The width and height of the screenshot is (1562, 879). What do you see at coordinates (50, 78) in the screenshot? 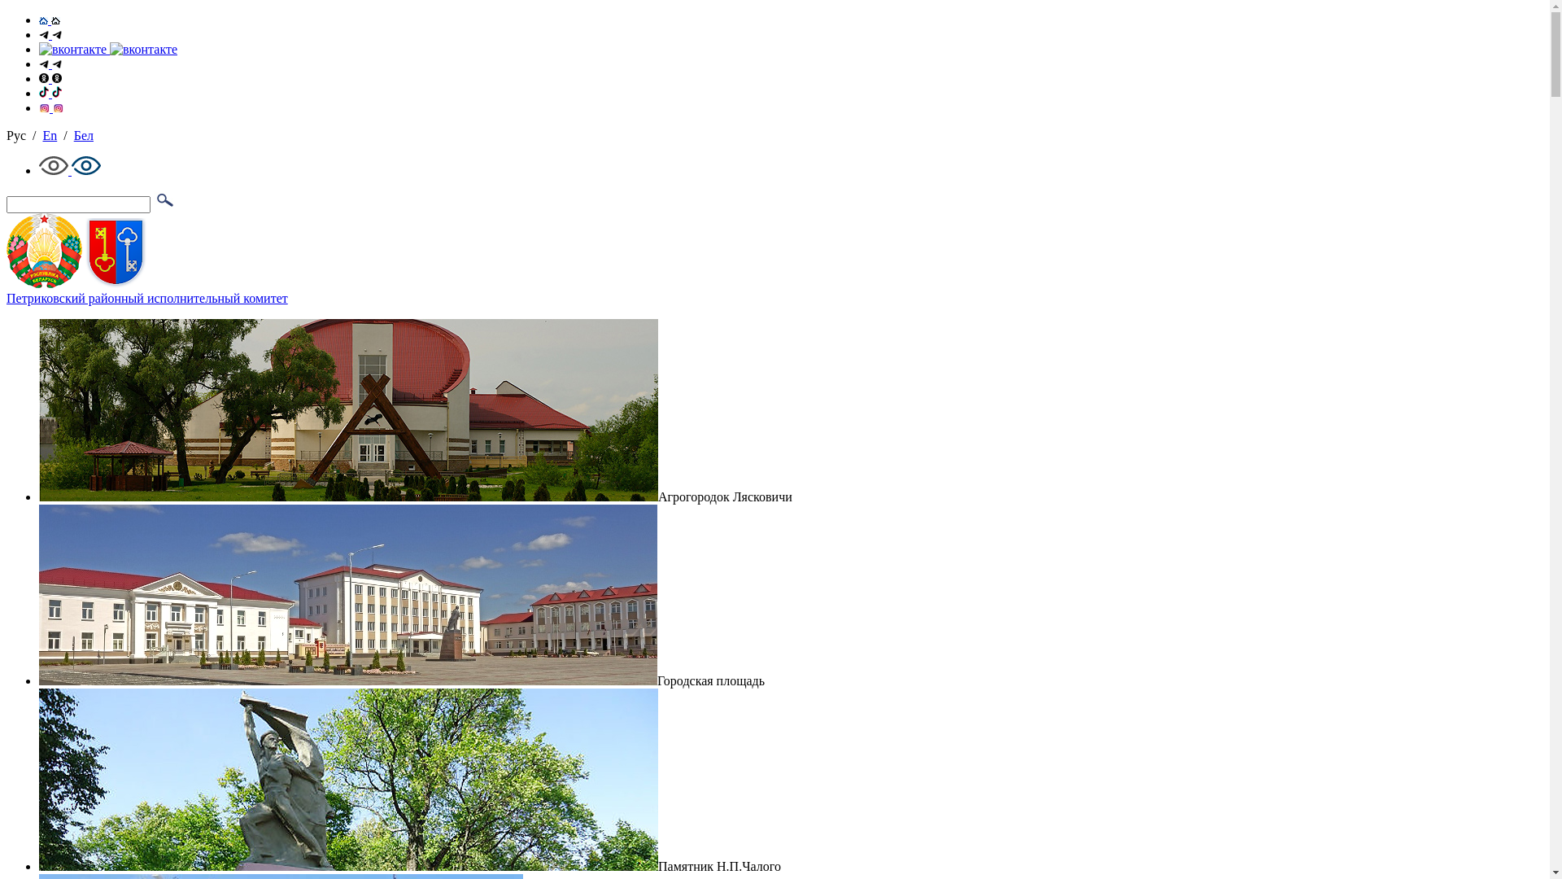
I see `'OK'` at bounding box center [50, 78].